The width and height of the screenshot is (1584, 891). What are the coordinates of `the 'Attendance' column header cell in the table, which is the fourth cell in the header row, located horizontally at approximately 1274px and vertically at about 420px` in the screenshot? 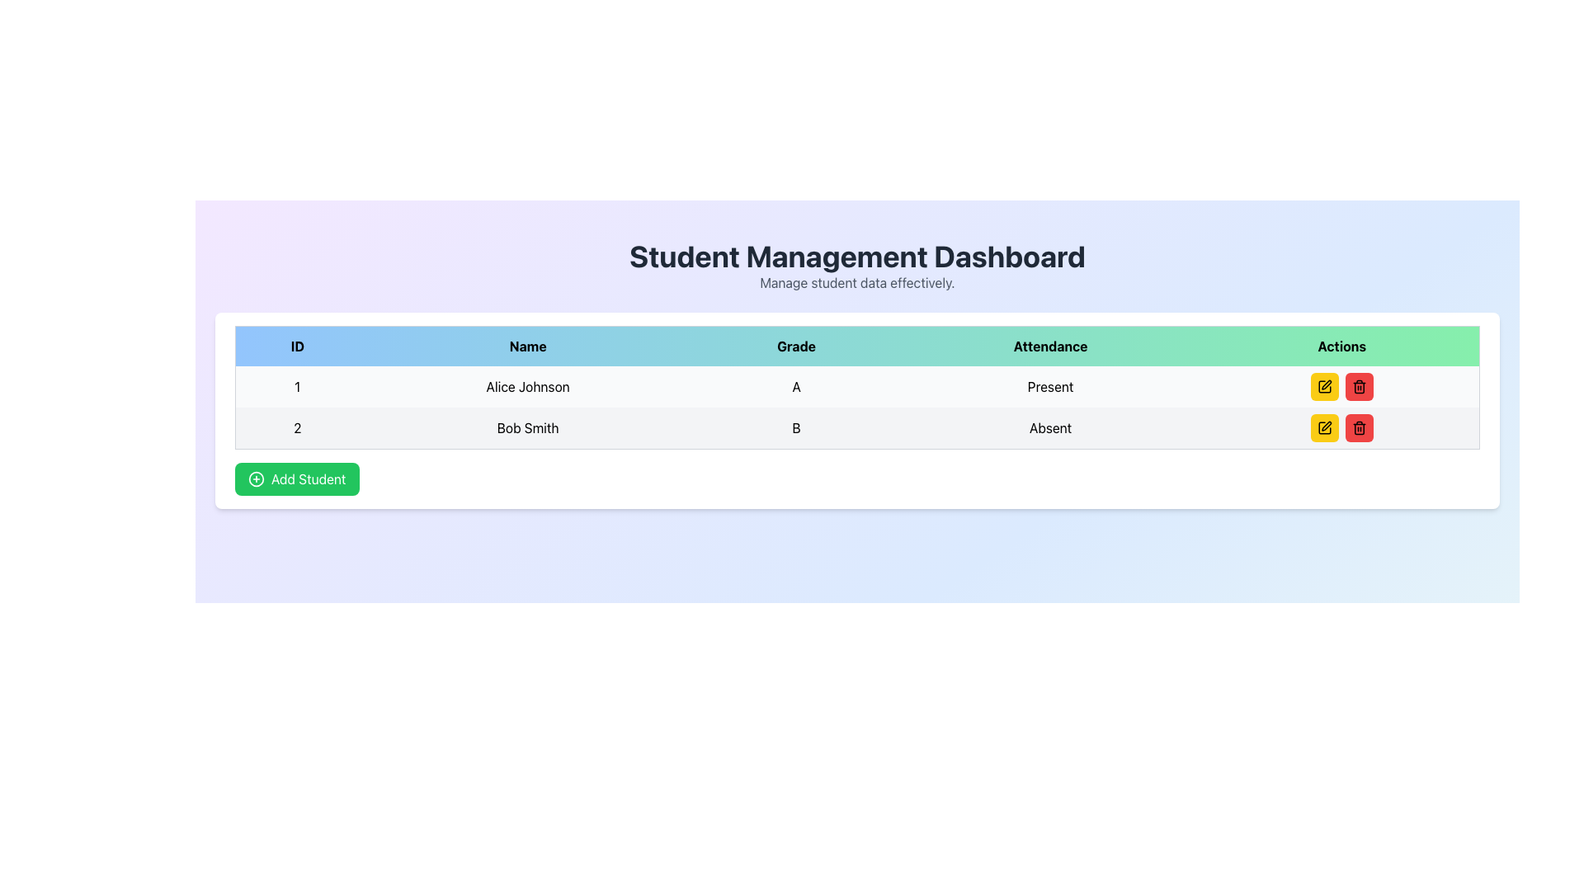 It's located at (1049, 345).